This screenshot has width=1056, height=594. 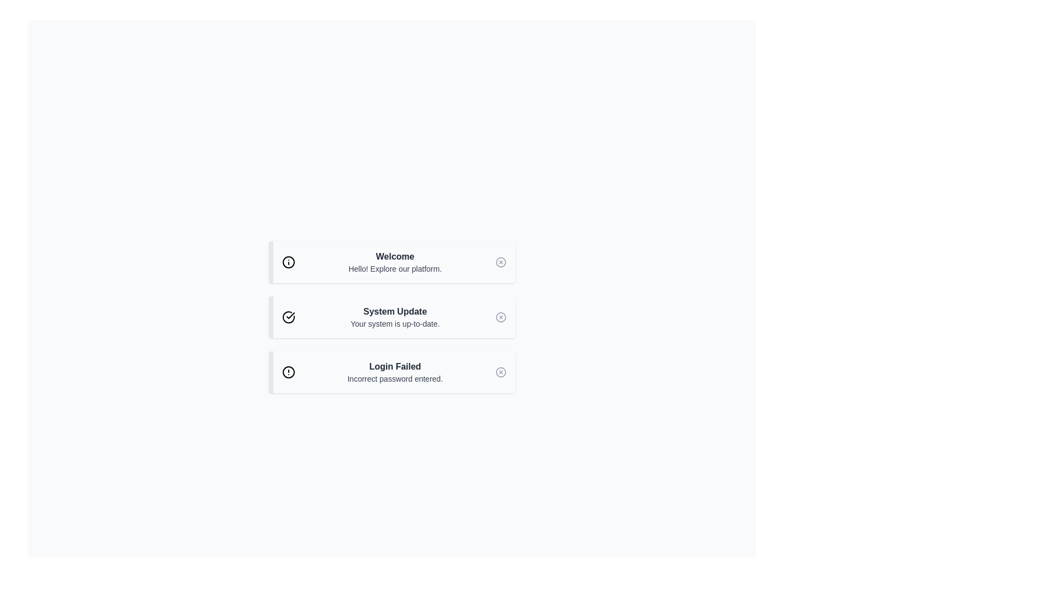 I want to click on message displayed in the text block that says 'Login Failed' with the description 'Incorrect password entered.' This text block is centrally aligned in the third row of notifications, so click(x=395, y=372).